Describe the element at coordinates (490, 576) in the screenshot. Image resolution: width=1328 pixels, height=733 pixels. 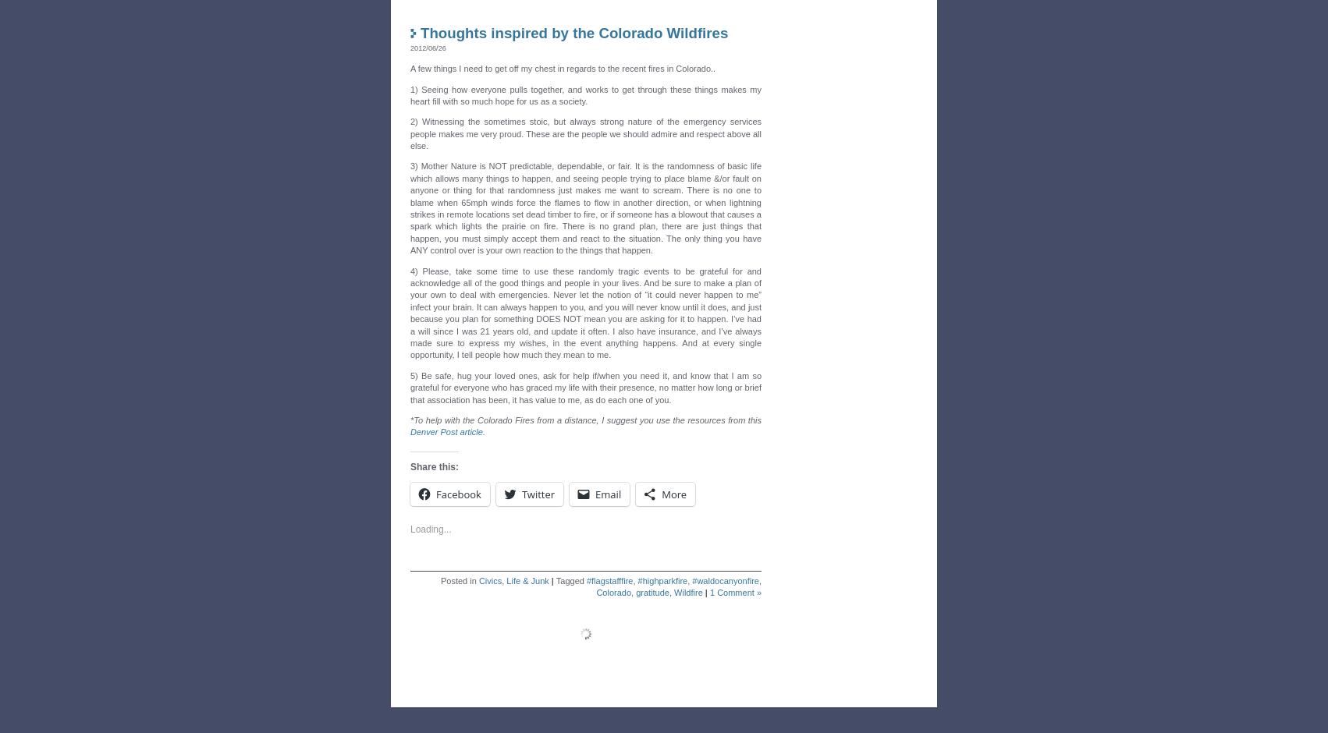
I see `'Civics'` at that location.